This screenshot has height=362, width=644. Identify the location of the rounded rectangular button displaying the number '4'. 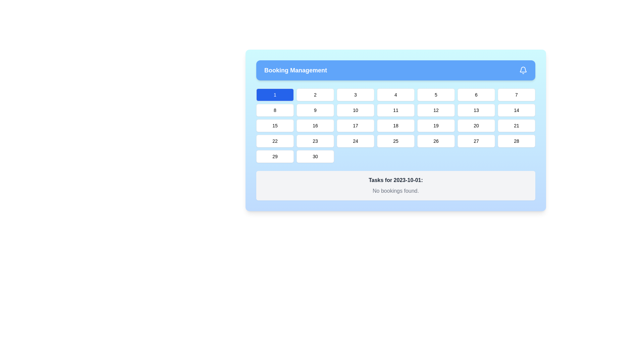
(396, 95).